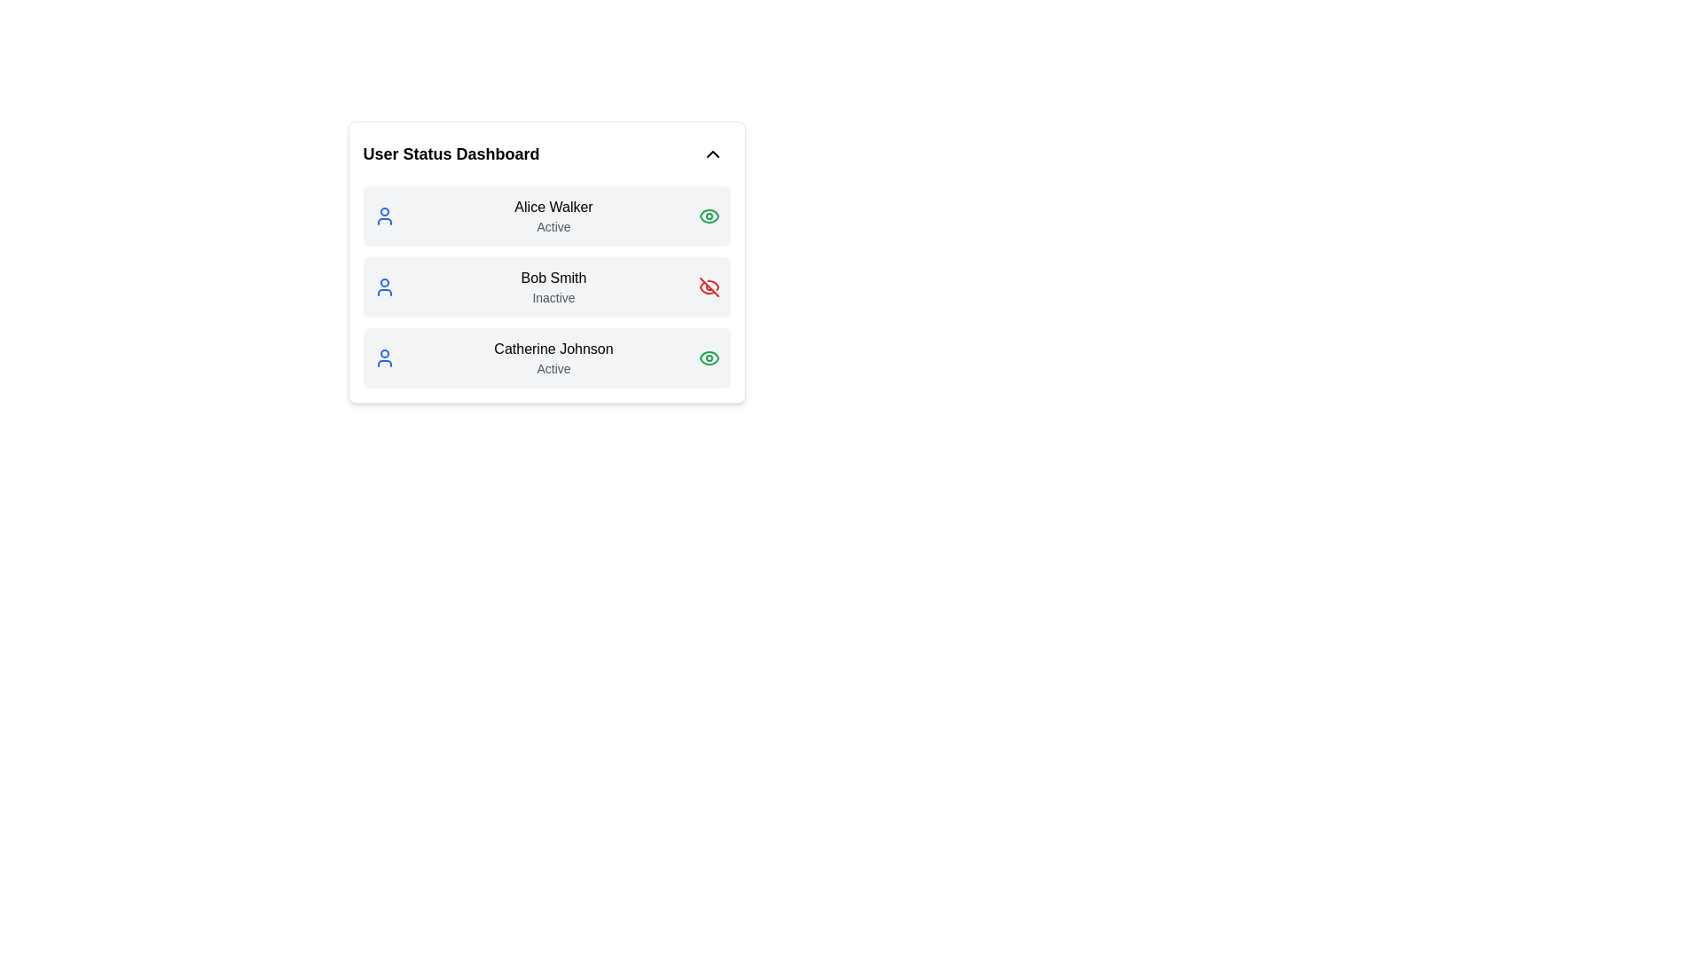 Image resolution: width=1703 pixels, height=958 pixels. I want to click on the static text label displaying the word 'Inactive', which is styled in gray and located beneath the name 'Bob Smith' in the user information card on the User Status Dashboard, so click(553, 296).